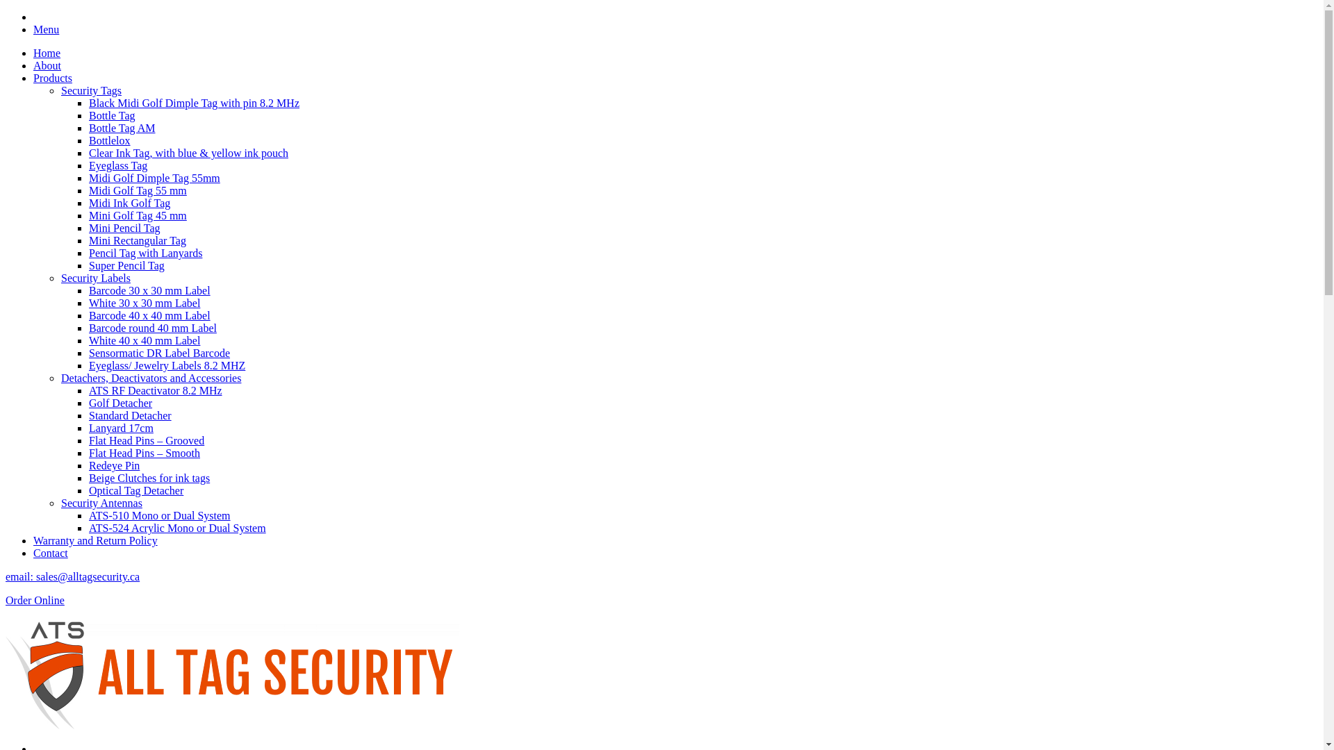  Describe the element at coordinates (144, 340) in the screenshot. I see `'White 40 x 40 mm Label'` at that location.